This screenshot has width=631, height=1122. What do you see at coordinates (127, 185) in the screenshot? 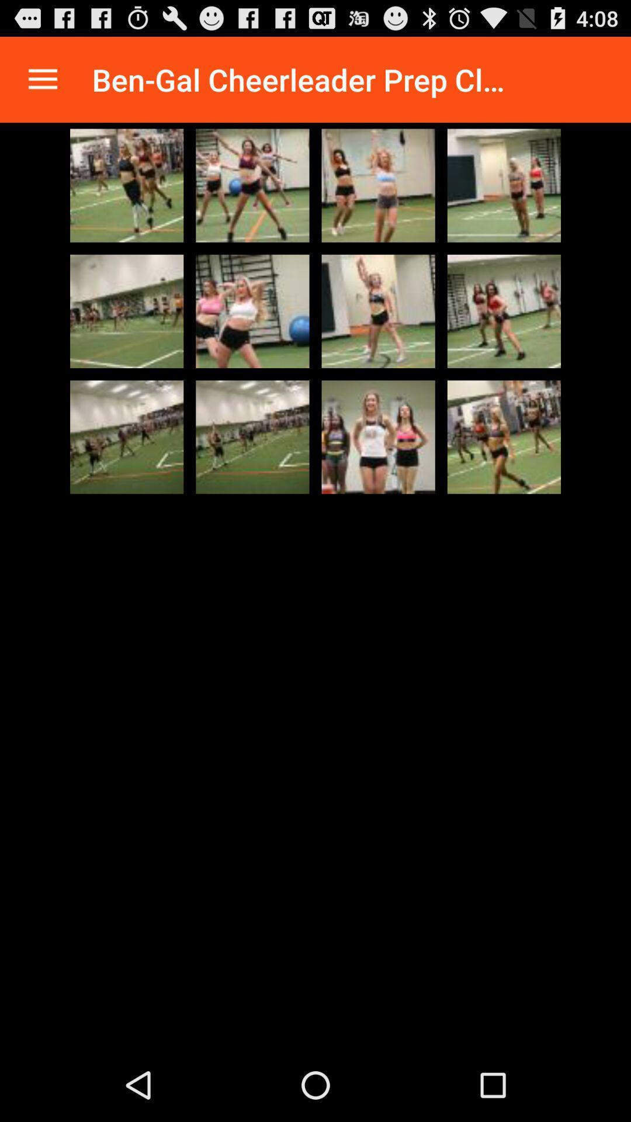
I see `enlarge this image` at bounding box center [127, 185].